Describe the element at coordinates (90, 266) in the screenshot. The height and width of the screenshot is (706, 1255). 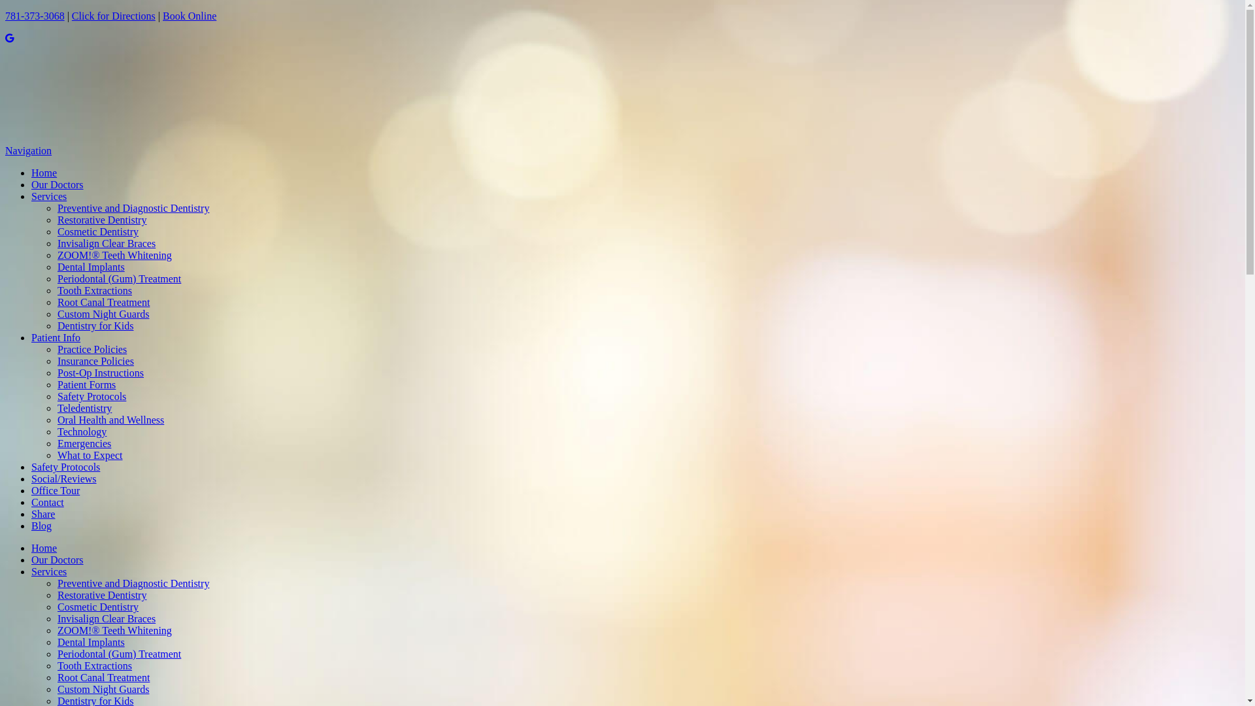
I see `'Dental Implants'` at that location.